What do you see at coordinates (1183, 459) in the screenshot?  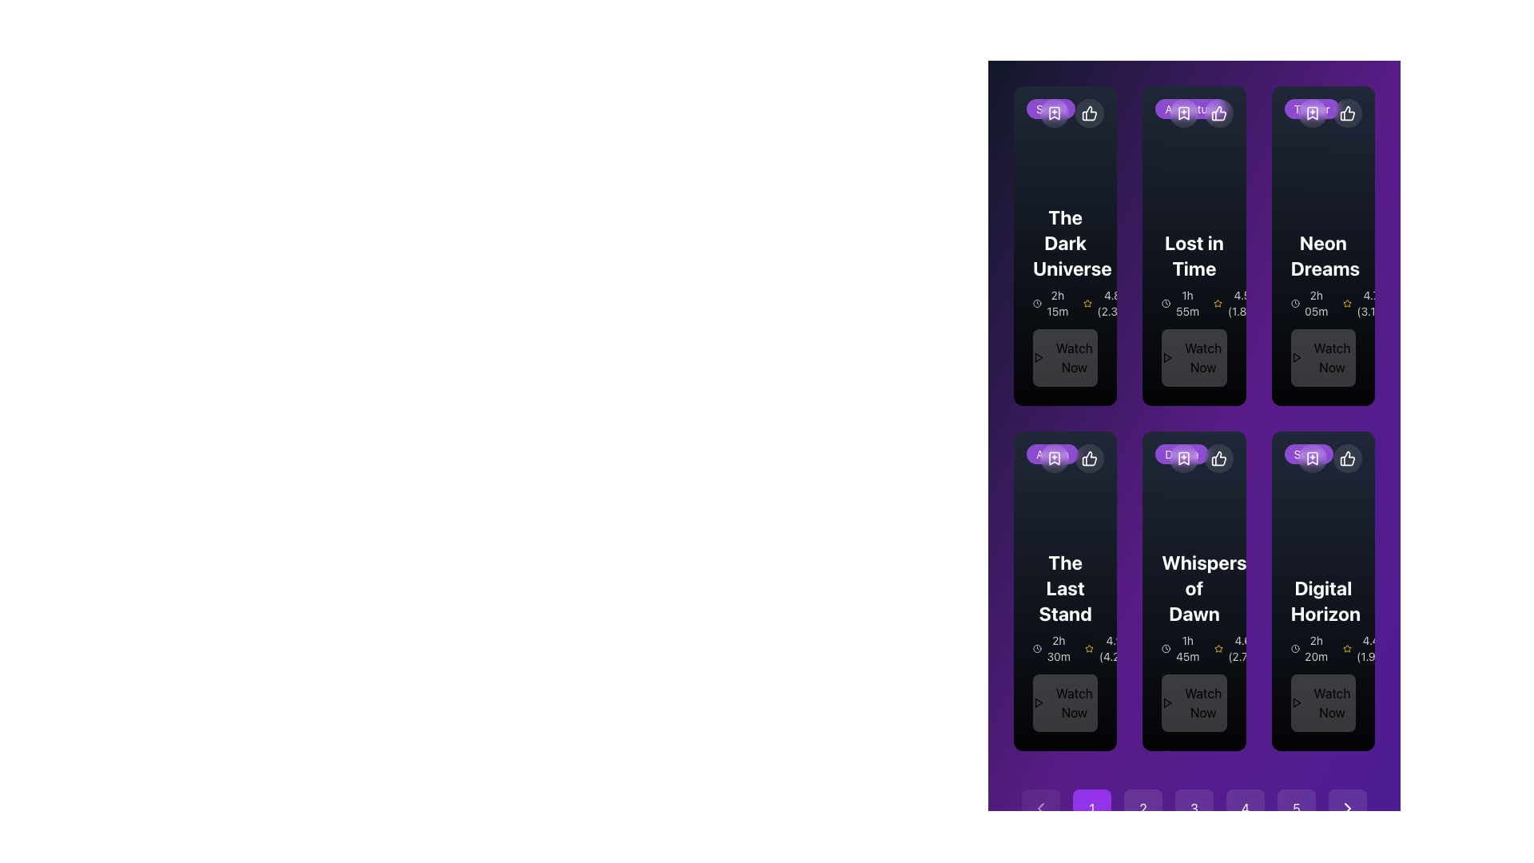 I see `the rounded button icon with a semi-transparent dark background and a white bookmark icon with a plus sign inside, located at the top-right corner of the card, to bookmark the content` at bounding box center [1183, 459].